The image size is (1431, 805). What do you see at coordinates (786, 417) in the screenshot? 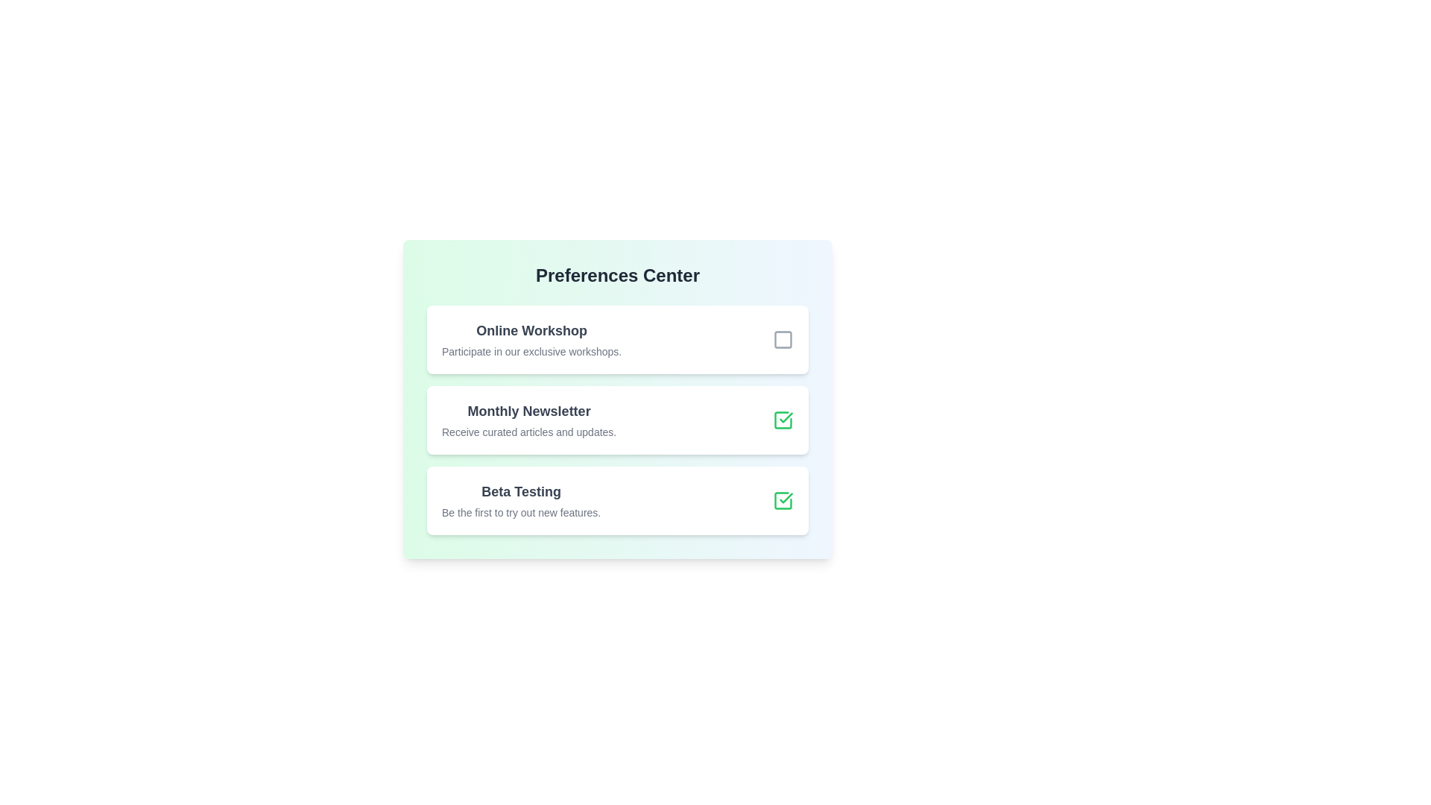
I see `the curved checkmark icon located within the 'Beta Testing' option in the Preferences Center` at bounding box center [786, 417].